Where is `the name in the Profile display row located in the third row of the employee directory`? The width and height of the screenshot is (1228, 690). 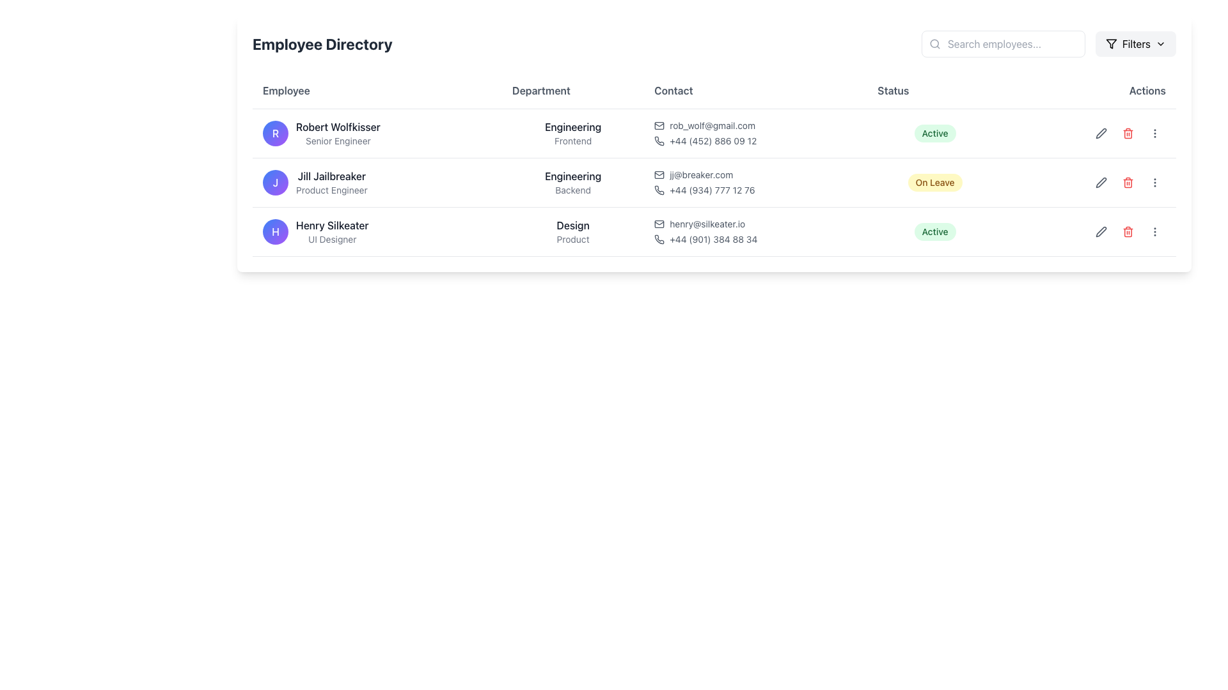 the name in the Profile display row located in the third row of the employee directory is located at coordinates (377, 231).